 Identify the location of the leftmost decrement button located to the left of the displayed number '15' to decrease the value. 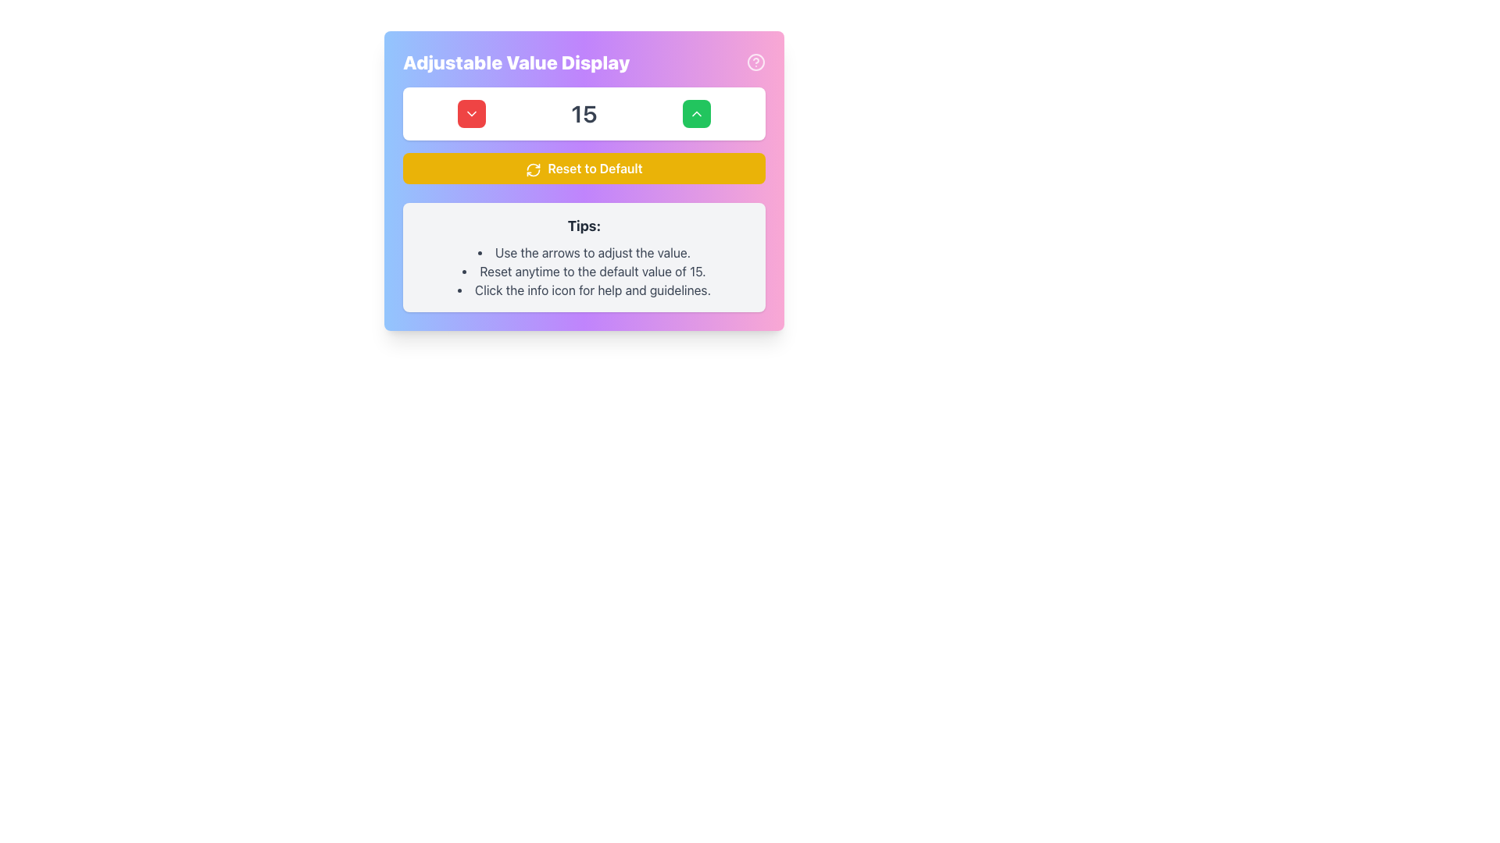
(471, 113).